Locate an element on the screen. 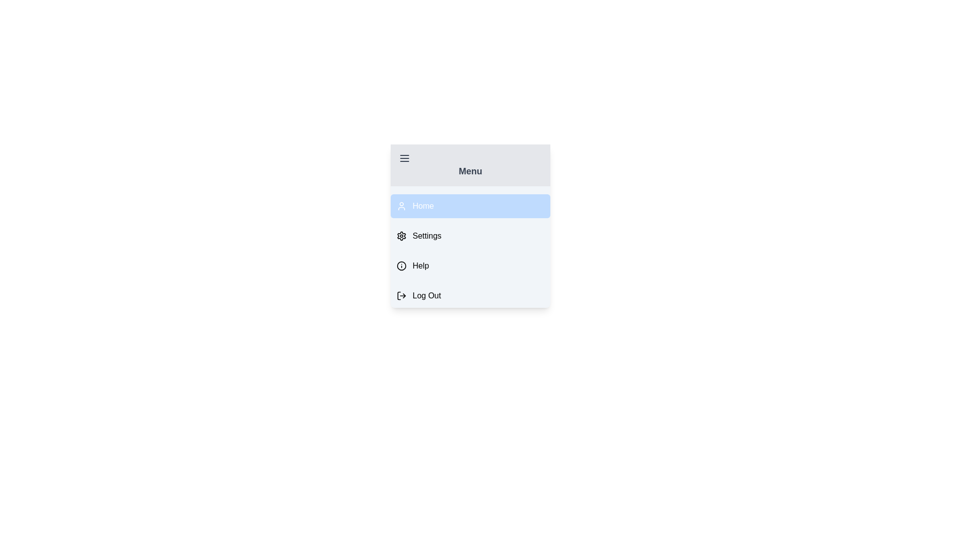 The width and height of the screenshot is (958, 538). the empty space in the sidebar is located at coordinates (470, 278).